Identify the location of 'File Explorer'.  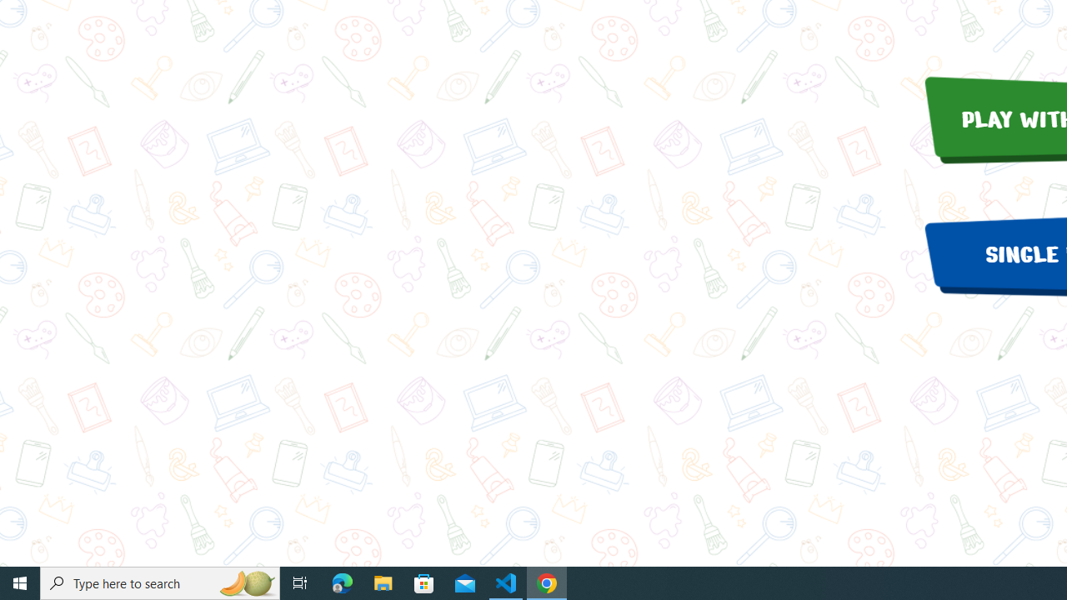
(383, 582).